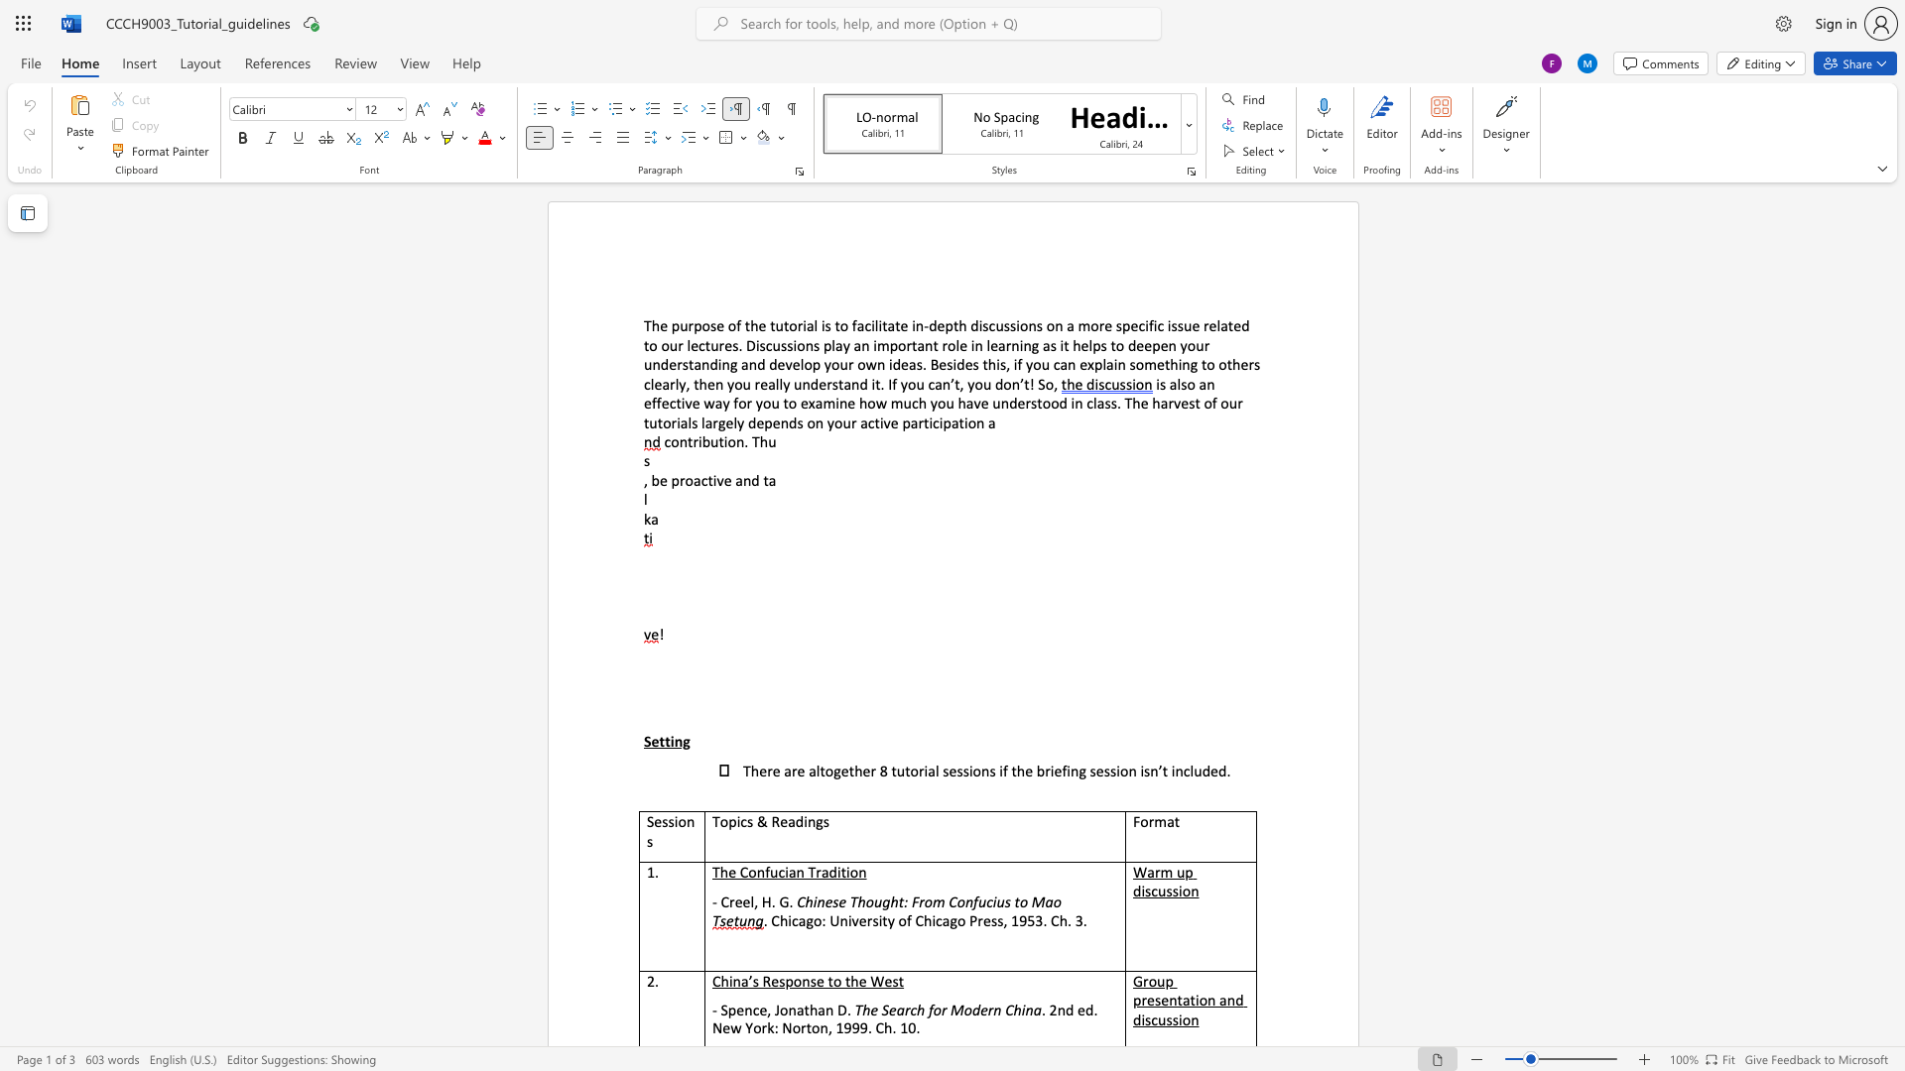 This screenshot has width=1905, height=1071. I want to click on the 1th character "o" in the text, so click(705, 324).